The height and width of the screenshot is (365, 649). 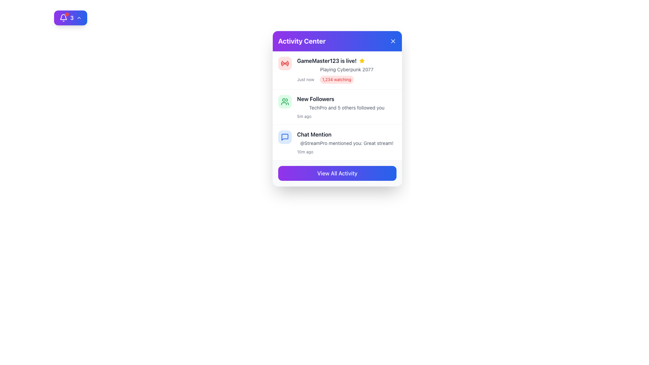 What do you see at coordinates (305, 79) in the screenshot?
I see `the 'Just now' text label, which is styled in small gray font and indicates the time elapsed since an event, located within the 'Activity Center' interface` at bounding box center [305, 79].